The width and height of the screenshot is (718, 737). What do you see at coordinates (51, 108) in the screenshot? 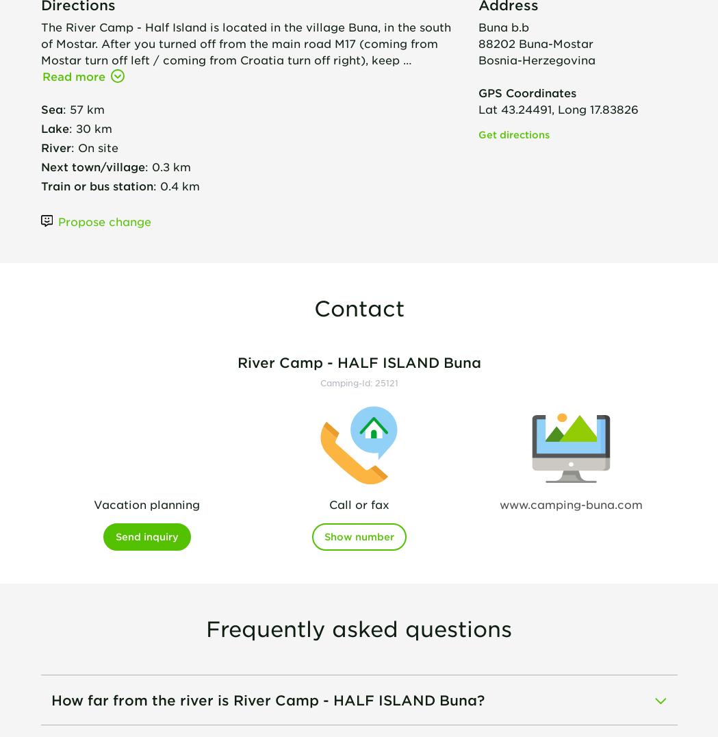
I see `'Sea'` at bounding box center [51, 108].